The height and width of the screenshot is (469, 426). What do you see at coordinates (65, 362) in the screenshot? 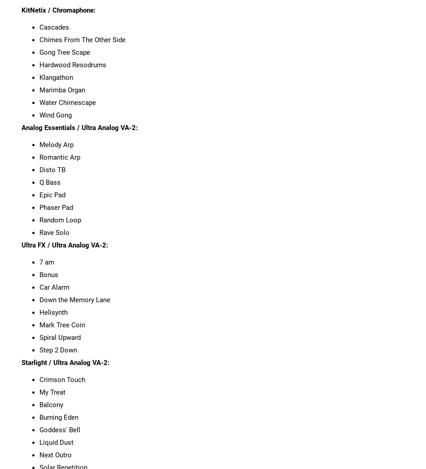
I see `'Starlight / Ultra Analog VA-2:'` at bounding box center [65, 362].